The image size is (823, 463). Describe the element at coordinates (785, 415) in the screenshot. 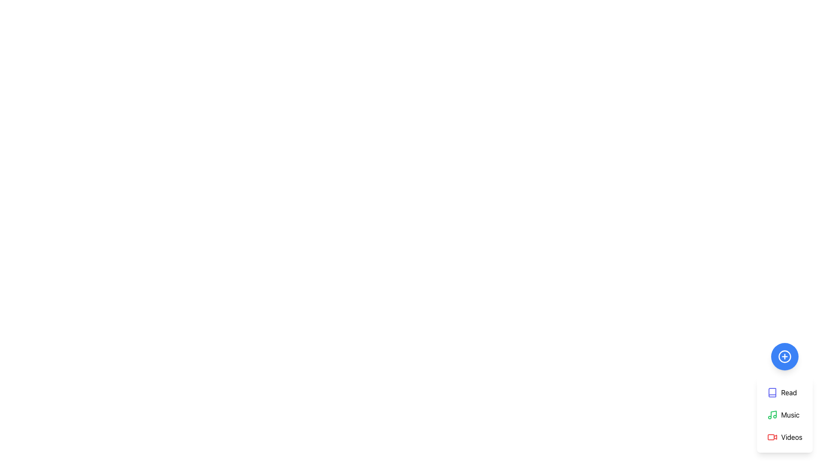

I see `the 'Music' menu item, which features a green music note icon followed by the text 'Music' in black` at that location.